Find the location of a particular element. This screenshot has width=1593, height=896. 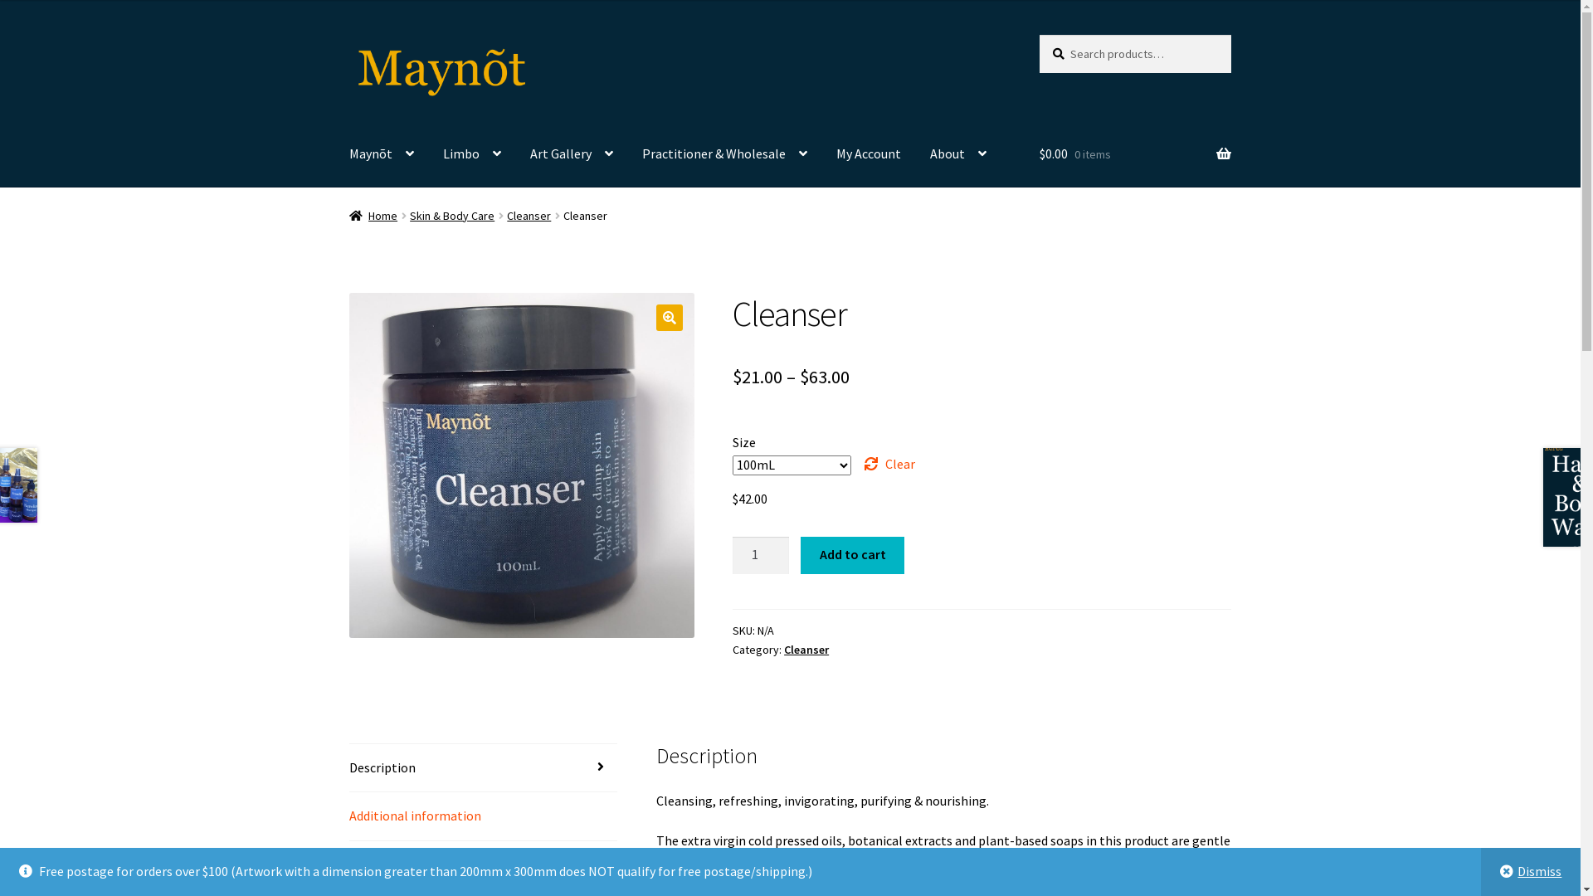

'My Account' is located at coordinates (867, 153).